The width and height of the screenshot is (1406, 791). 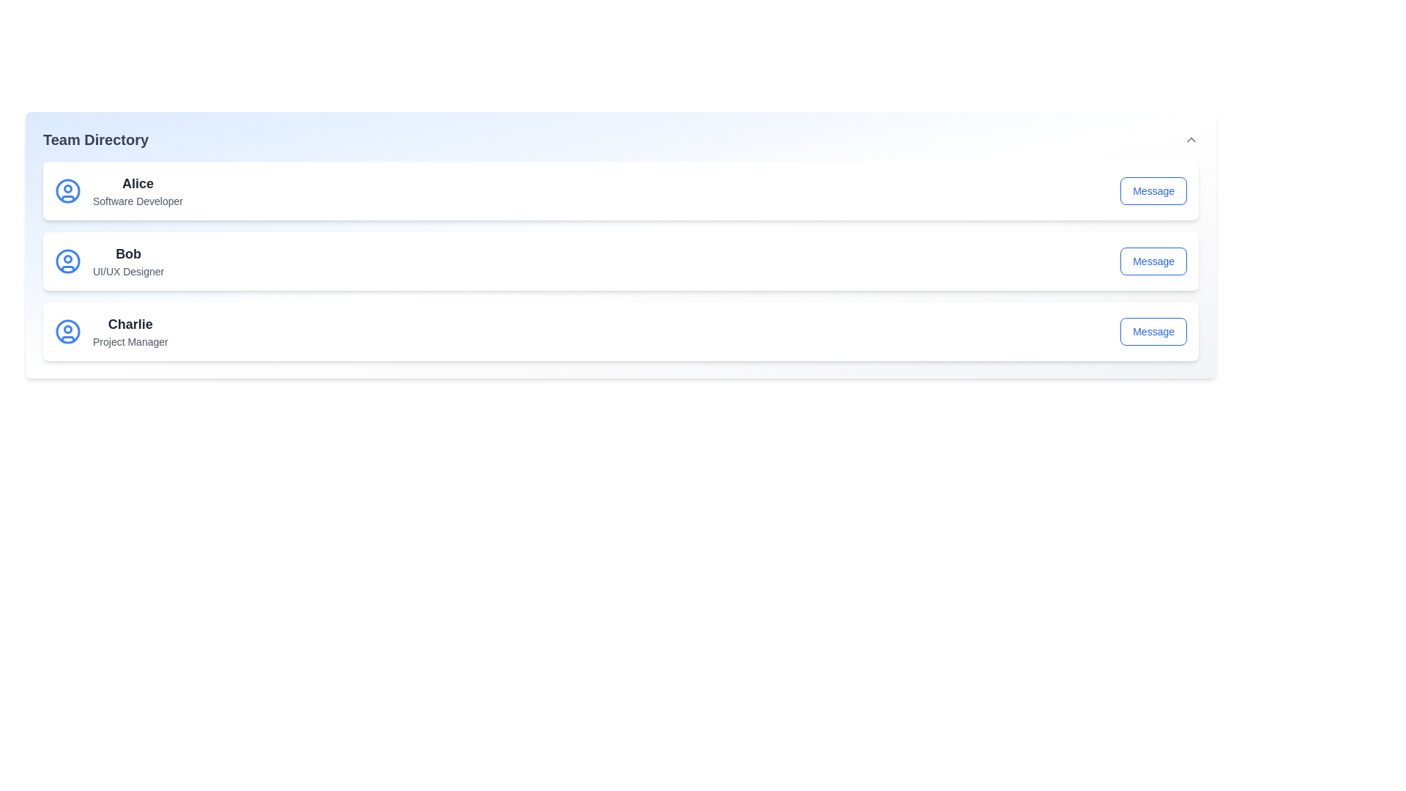 What do you see at coordinates (67, 190) in the screenshot?
I see `the Avatar Icon, which is a circular profile icon with a blue outline, located to the left of the name 'Alice' and above the description 'Software Developer'` at bounding box center [67, 190].